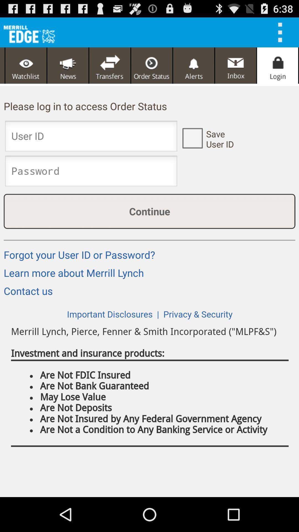  I want to click on menu page, so click(26, 65).